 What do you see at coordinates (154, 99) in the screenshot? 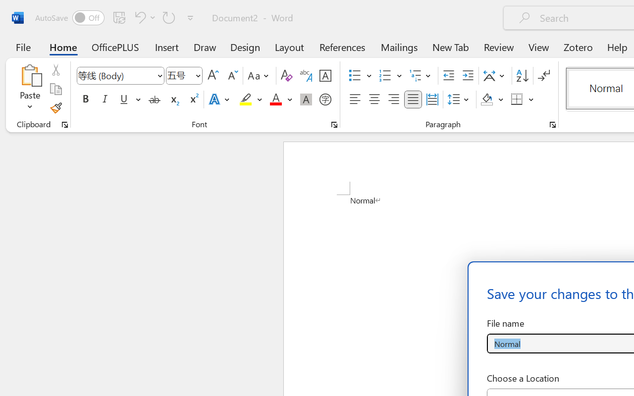
I see `'Strikethrough'` at bounding box center [154, 99].